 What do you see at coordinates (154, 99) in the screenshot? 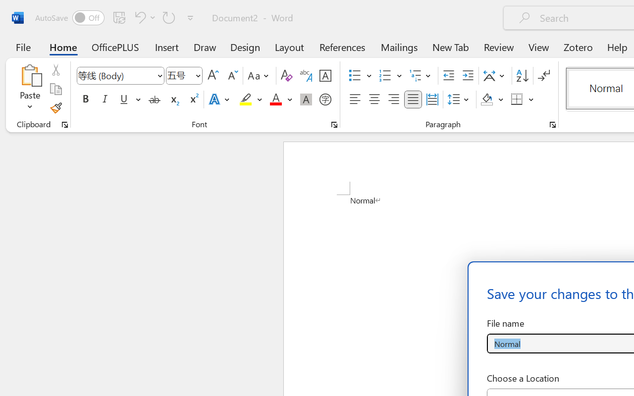
I see `'Strikethrough'` at bounding box center [154, 99].